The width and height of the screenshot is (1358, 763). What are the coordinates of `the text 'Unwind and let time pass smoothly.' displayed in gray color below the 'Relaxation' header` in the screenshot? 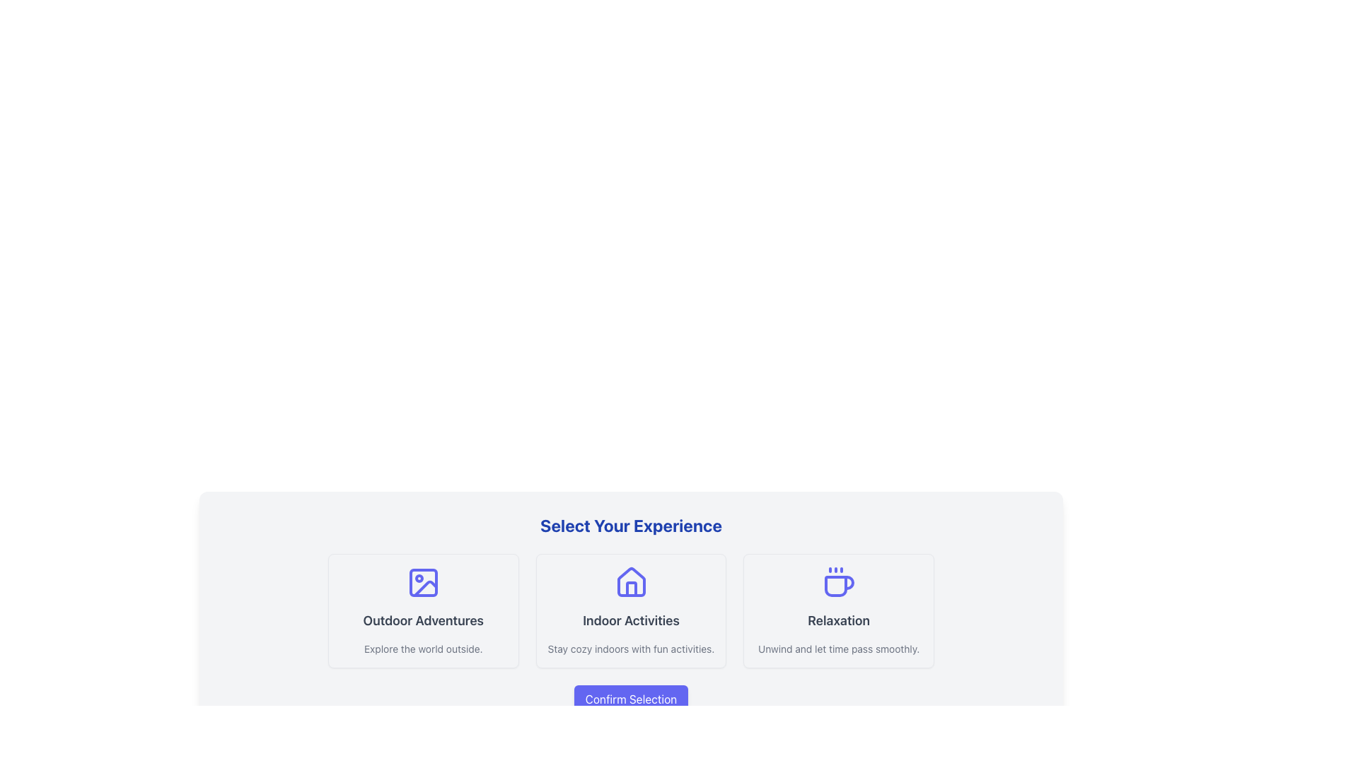 It's located at (839, 649).